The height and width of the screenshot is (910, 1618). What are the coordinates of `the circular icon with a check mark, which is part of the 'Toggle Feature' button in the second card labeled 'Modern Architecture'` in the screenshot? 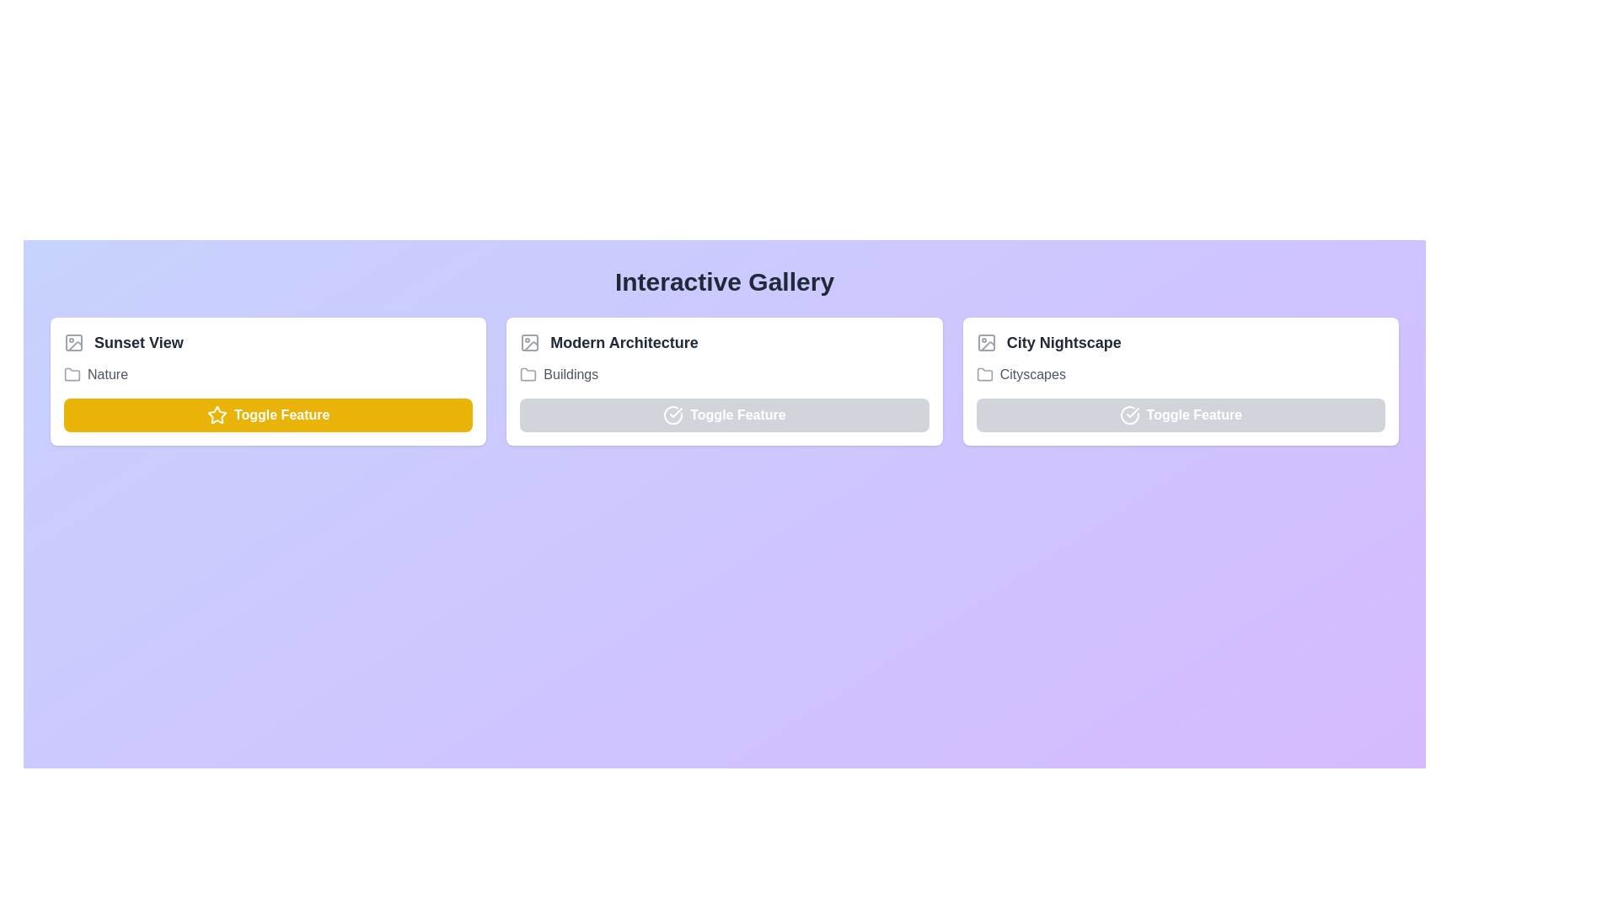 It's located at (672, 415).